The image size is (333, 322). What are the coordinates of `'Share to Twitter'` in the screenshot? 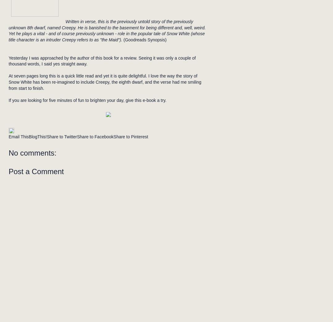 It's located at (61, 136).